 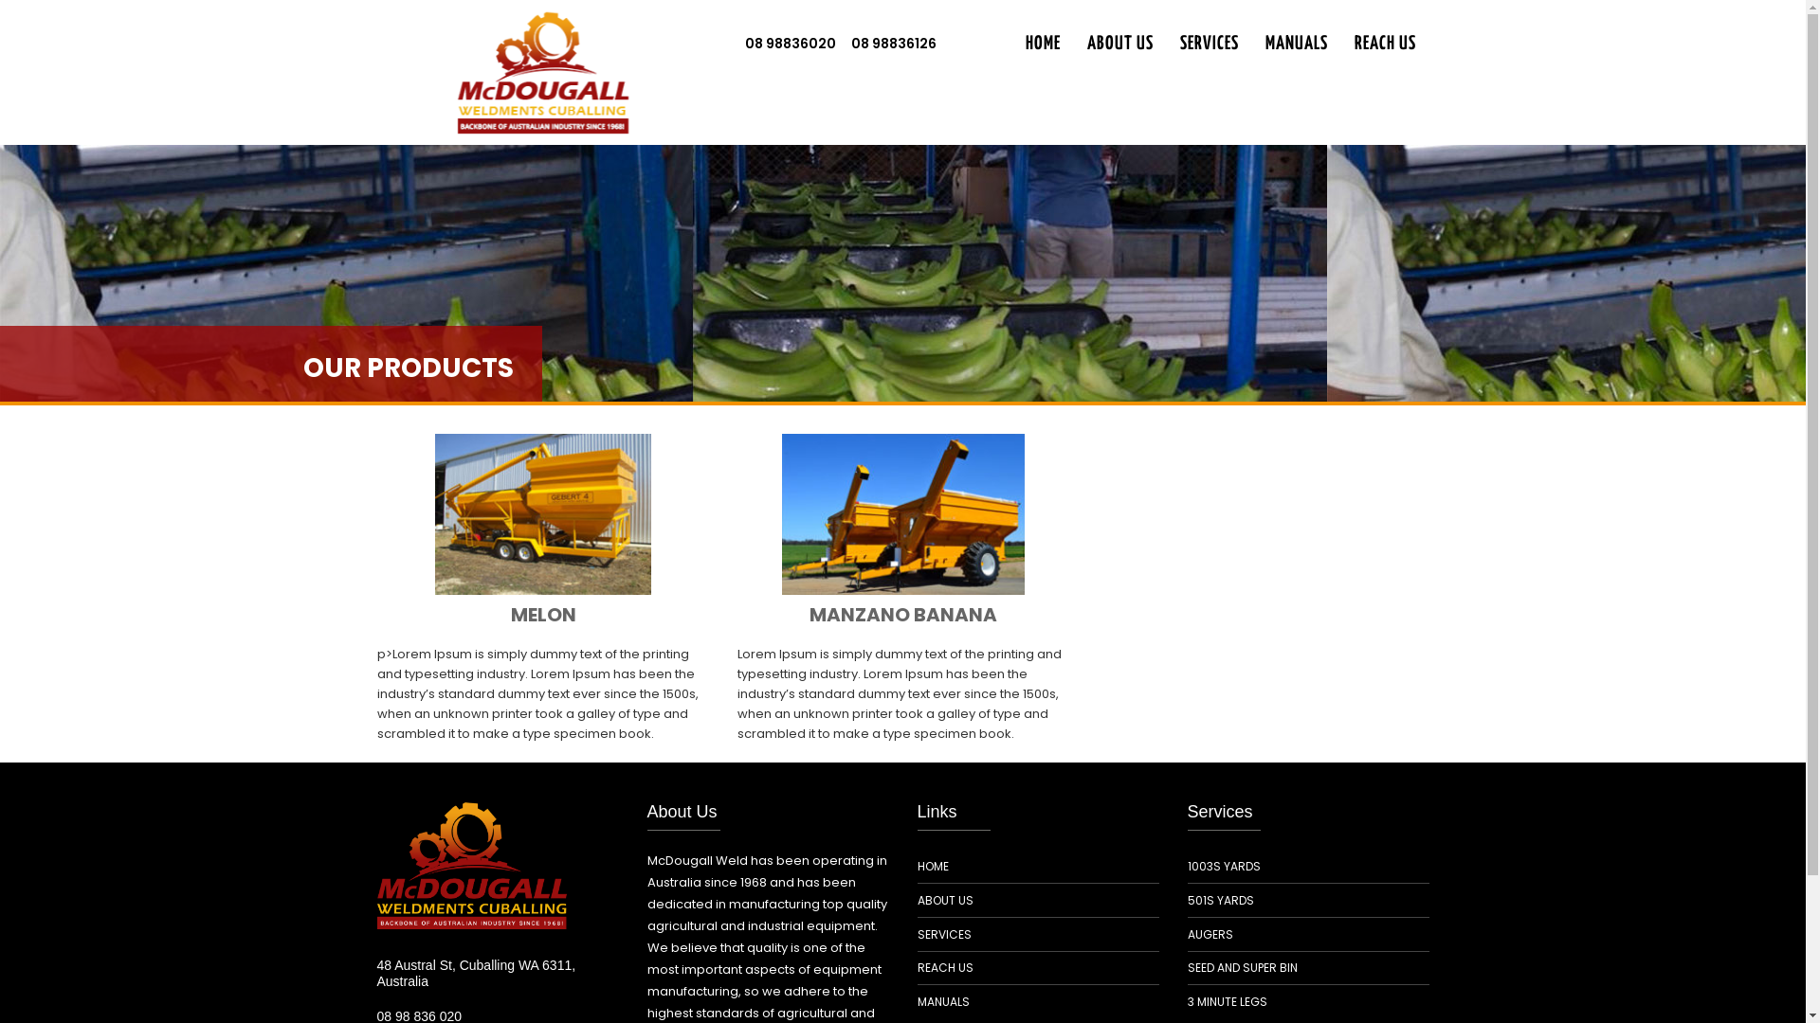 I want to click on '08 98836020', so click(x=791, y=43).